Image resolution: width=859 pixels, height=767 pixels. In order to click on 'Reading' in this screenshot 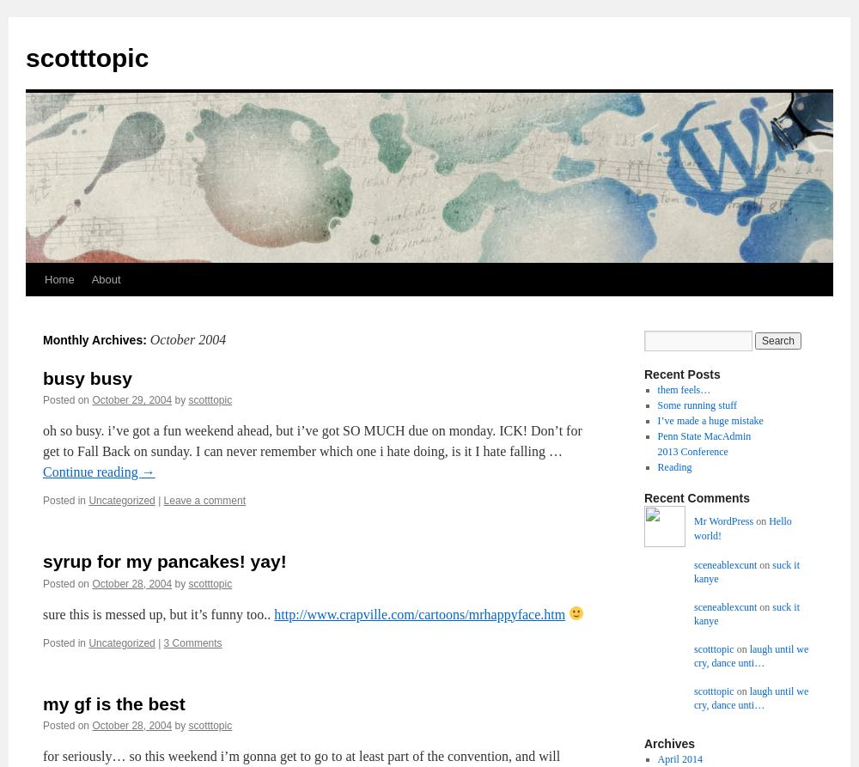, I will do `click(674, 466)`.